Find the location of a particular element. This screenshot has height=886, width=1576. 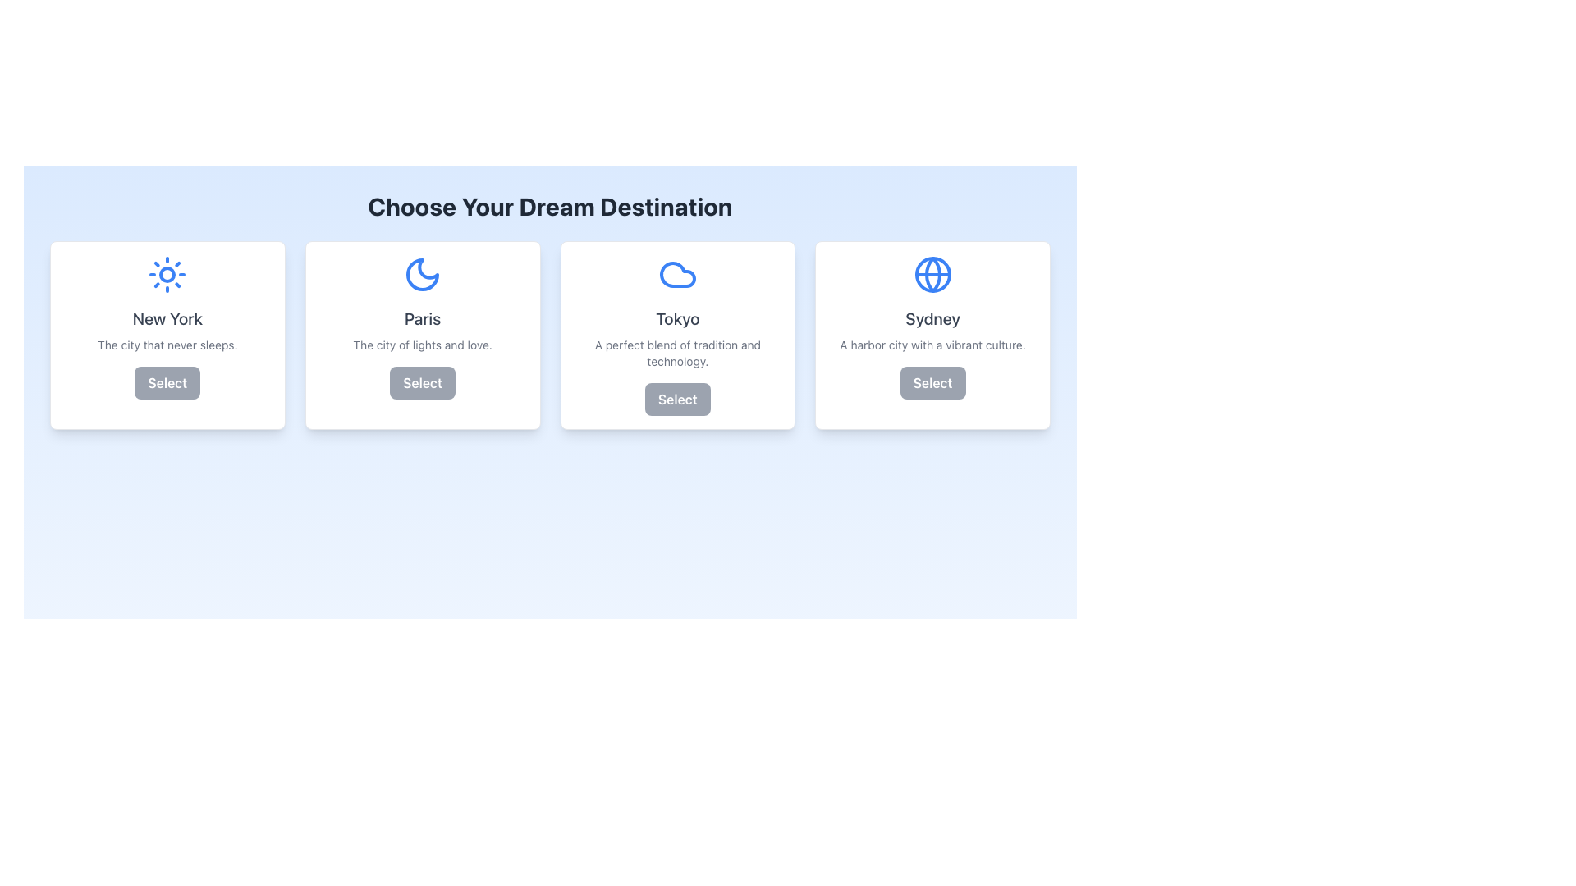

the 'Select' button with rounded corners and a gray background at the bottom center of the 'Paris' card is located at coordinates (423, 382).